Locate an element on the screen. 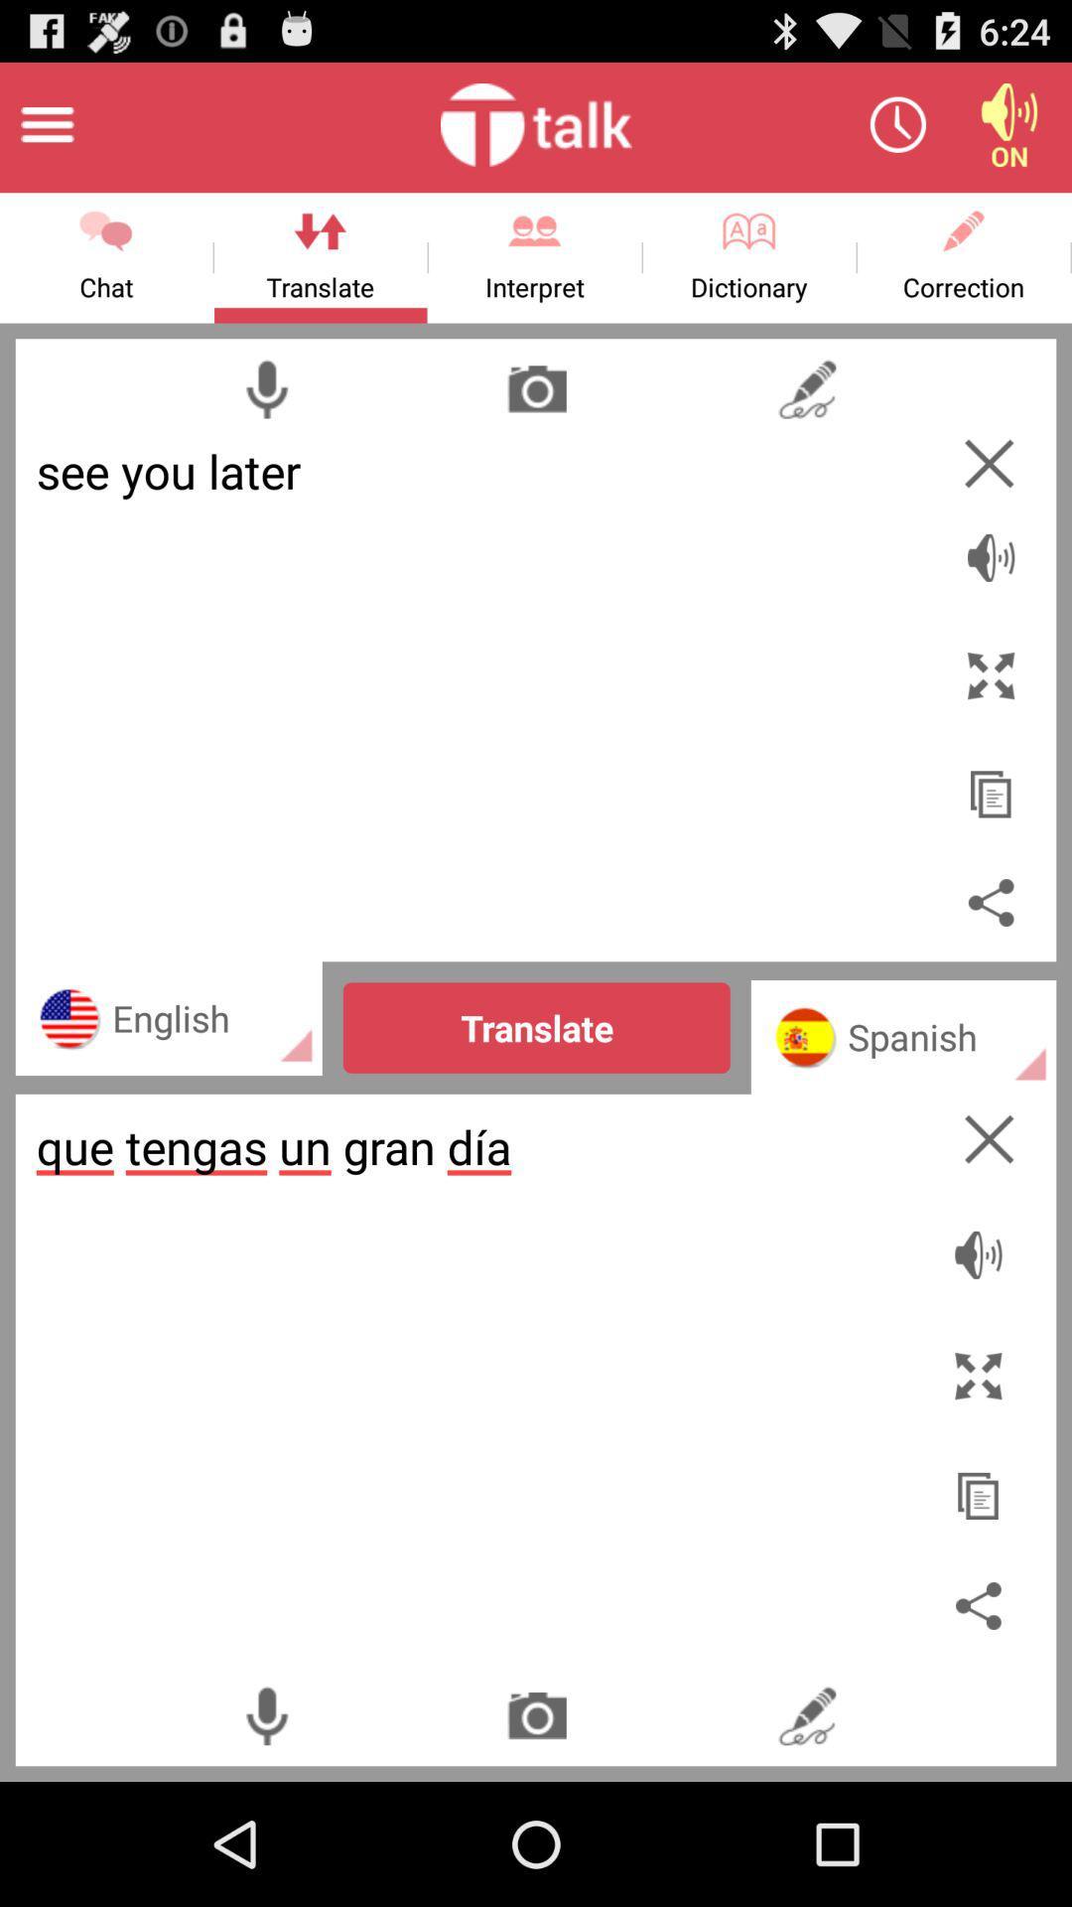 The width and height of the screenshot is (1072, 1907). share content is located at coordinates (991, 901).